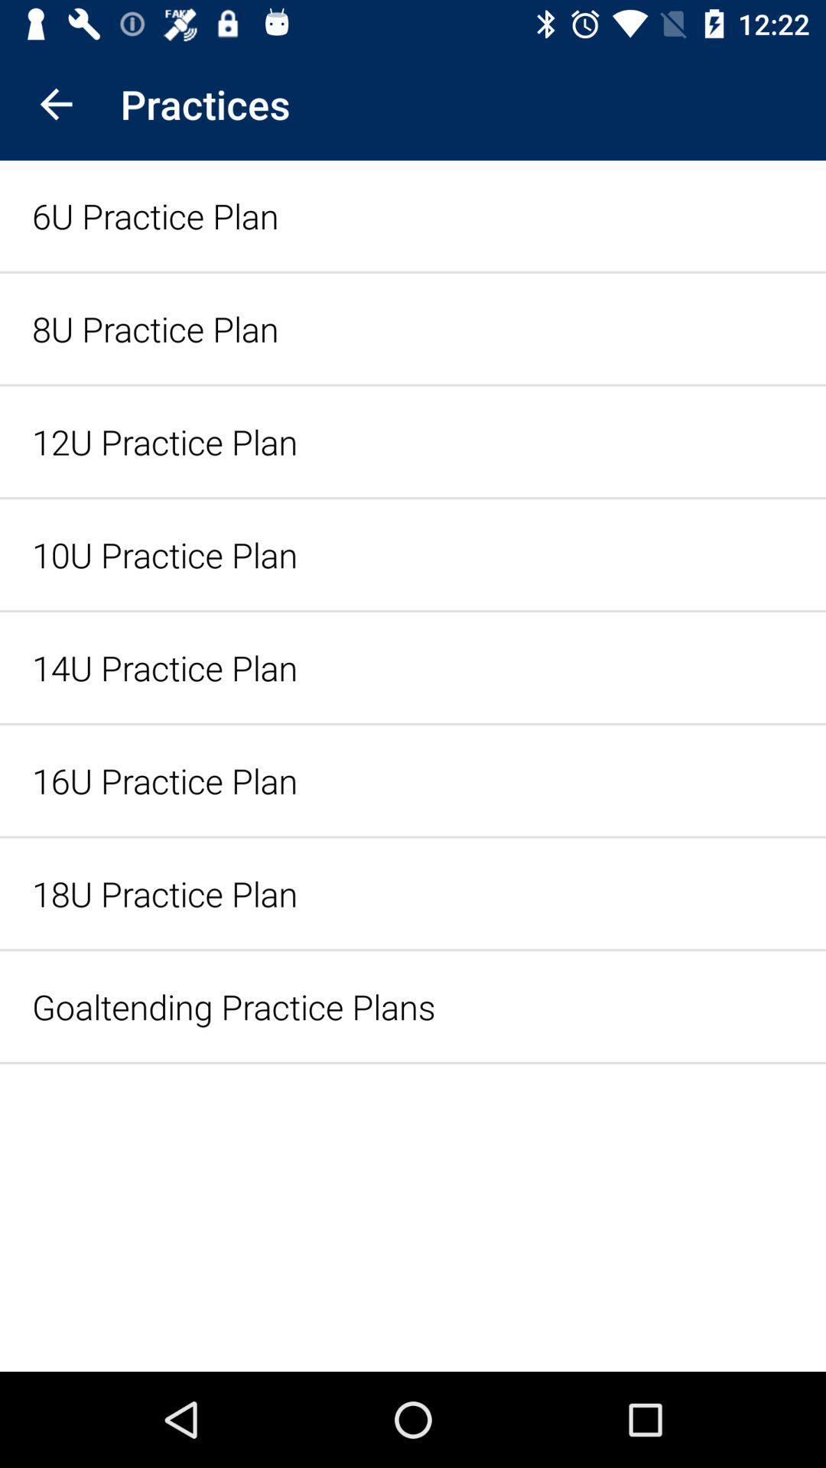  I want to click on the icon next to the practices app, so click(55, 103).